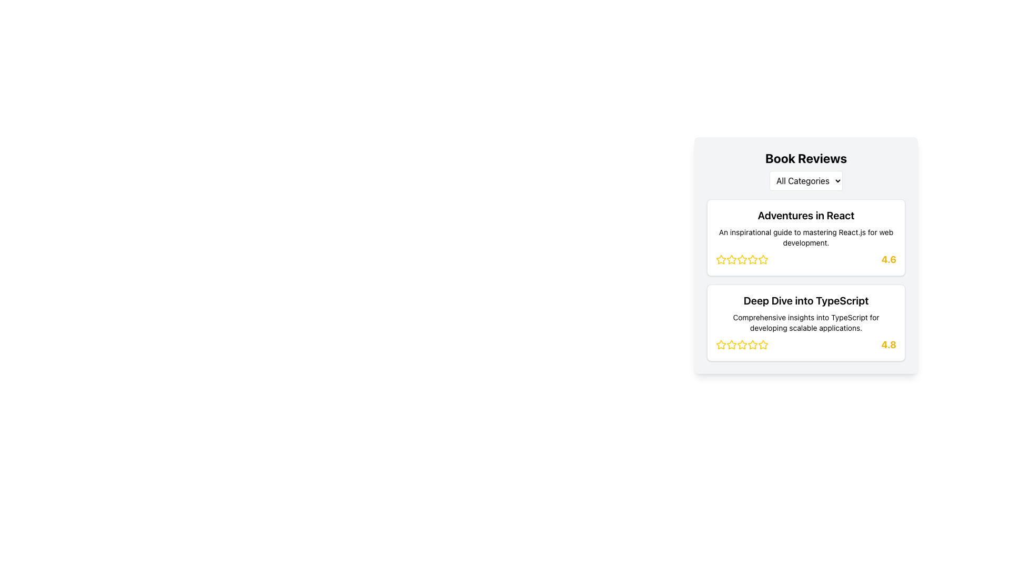 The height and width of the screenshot is (568, 1010). I want to click on the yellow star icon with a hollow center and bold outline in the rating section of the second book review card below the title 'Deep Dive into TypeScript', so click(721, 344).